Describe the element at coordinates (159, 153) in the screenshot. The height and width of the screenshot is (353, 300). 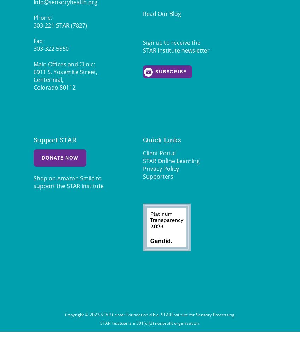
I see `'Client Portal'` at that location.